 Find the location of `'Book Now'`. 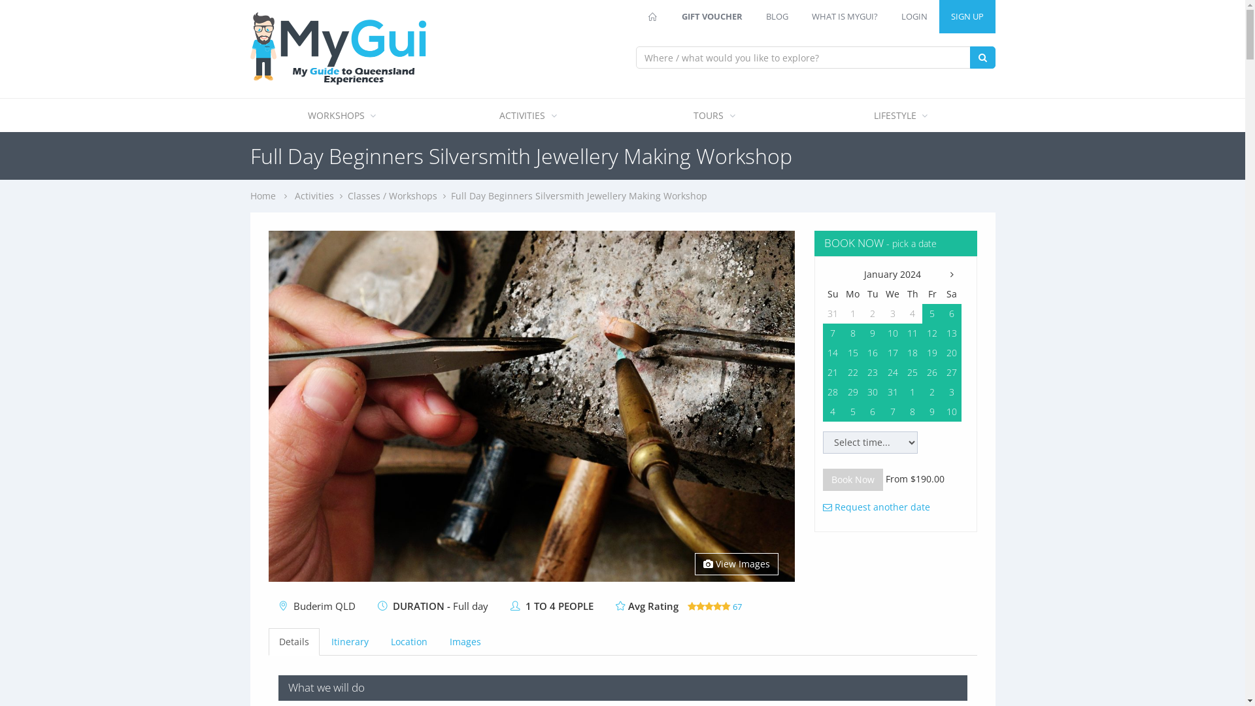

'Book Now' is located at coordinates (822, 479).